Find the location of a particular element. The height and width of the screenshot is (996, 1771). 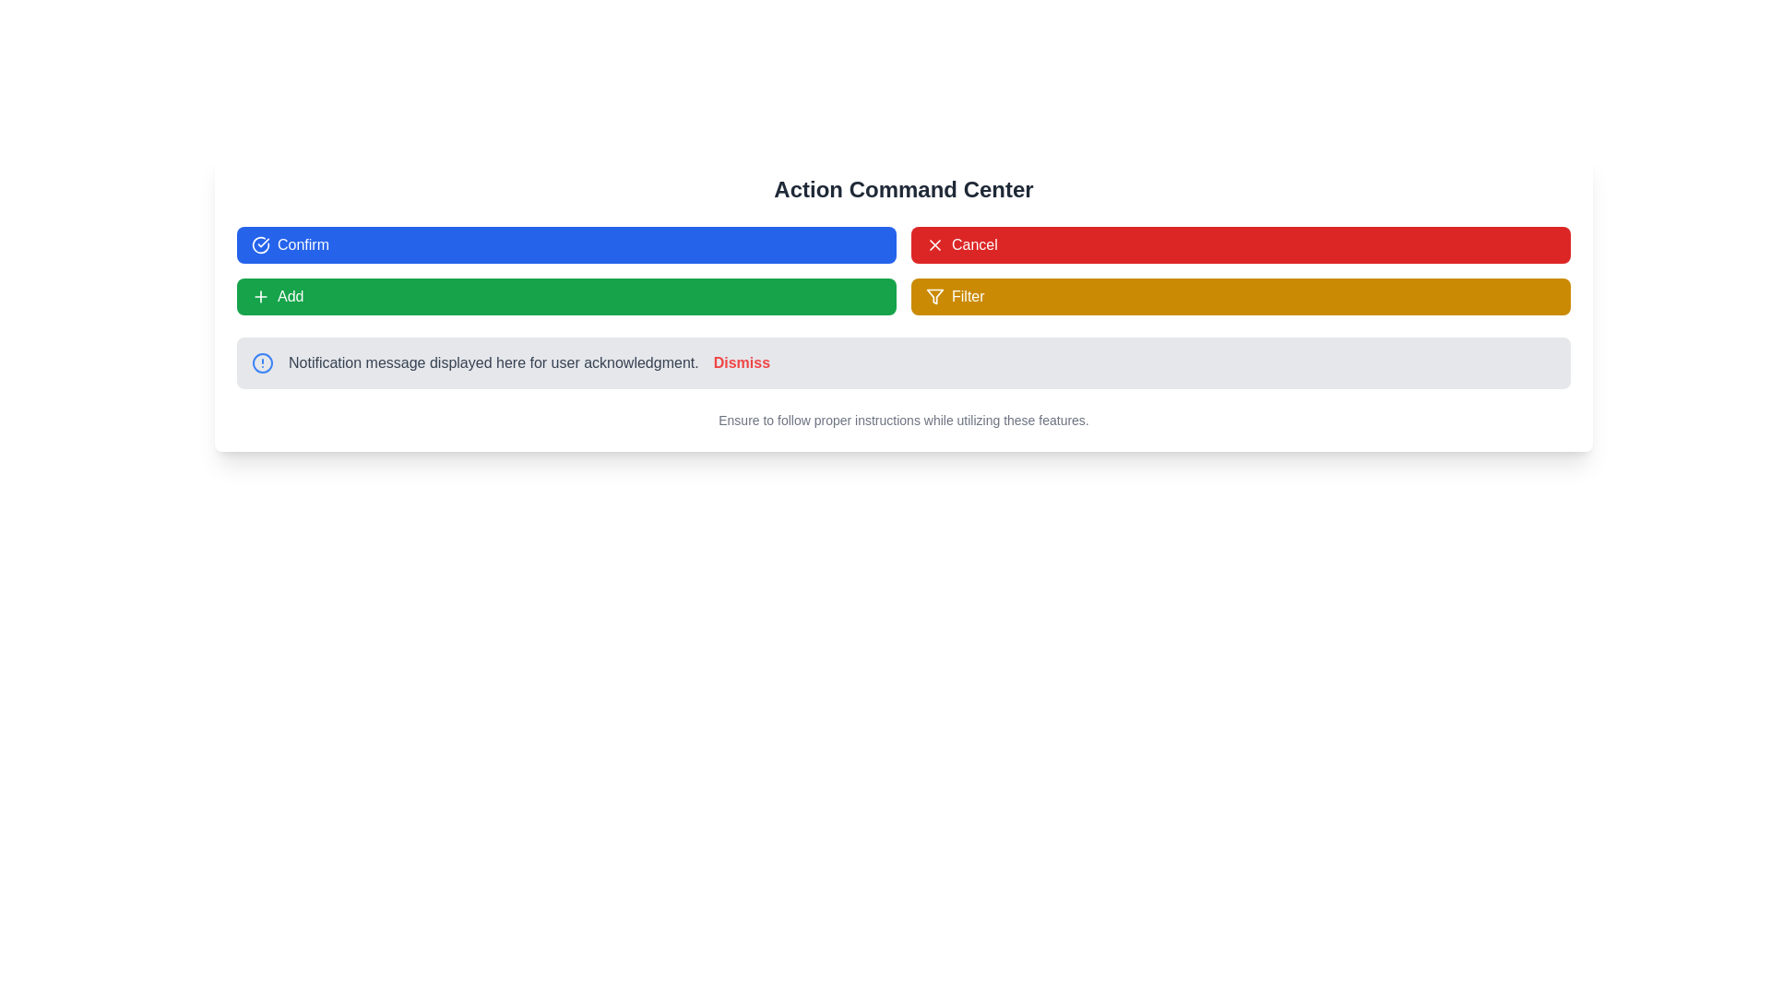

the red diagonal cross icon, which is part of the Cancel button's iconography, located on the right side of the header section is located at coordinates (934, 244).